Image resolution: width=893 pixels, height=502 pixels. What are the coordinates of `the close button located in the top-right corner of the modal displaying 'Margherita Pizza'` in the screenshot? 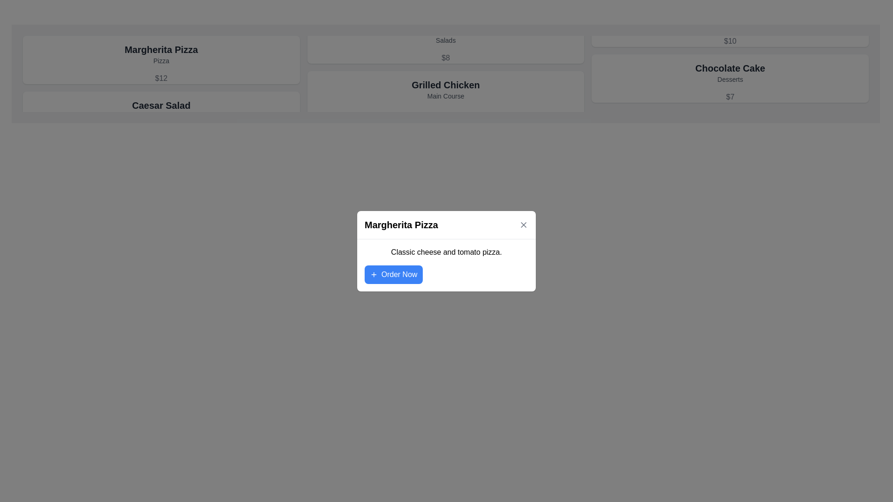 It's located at (524, 224).